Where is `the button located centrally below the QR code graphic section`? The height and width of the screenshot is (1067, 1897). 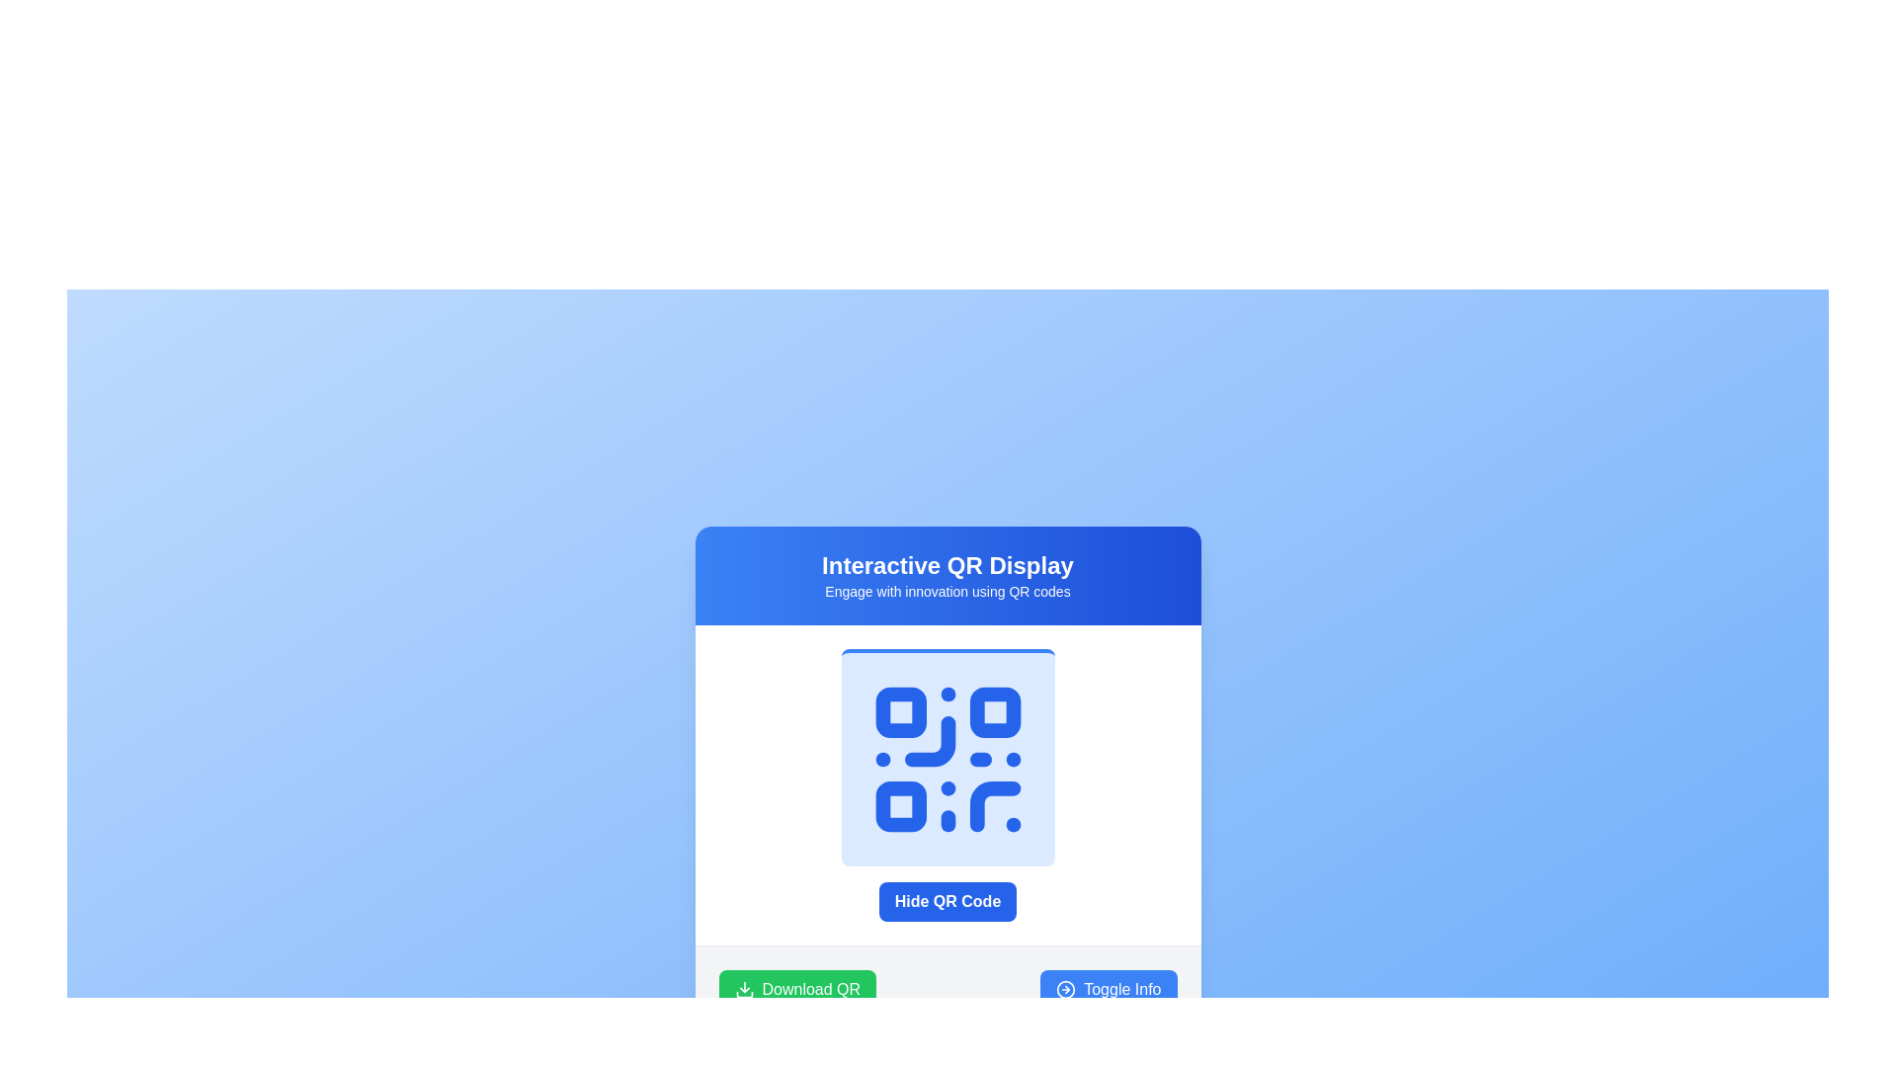 the button located centrally below the QR code graphic section is located at coordinates (947, 901).